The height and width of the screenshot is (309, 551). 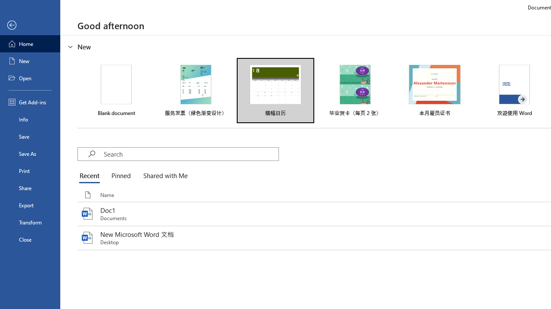 I want to click on 'Get Add-ins', so click(x=30, y=101).